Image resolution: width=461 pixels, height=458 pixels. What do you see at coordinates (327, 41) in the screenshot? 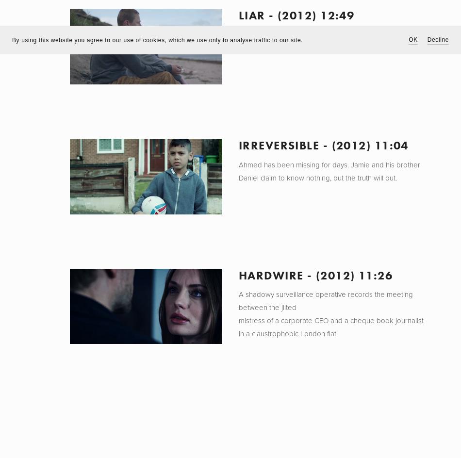
I see `'Jamie adores his big brother Donald but is beginning to question his tales of their absent father.'` at bounding box center [327, 41].